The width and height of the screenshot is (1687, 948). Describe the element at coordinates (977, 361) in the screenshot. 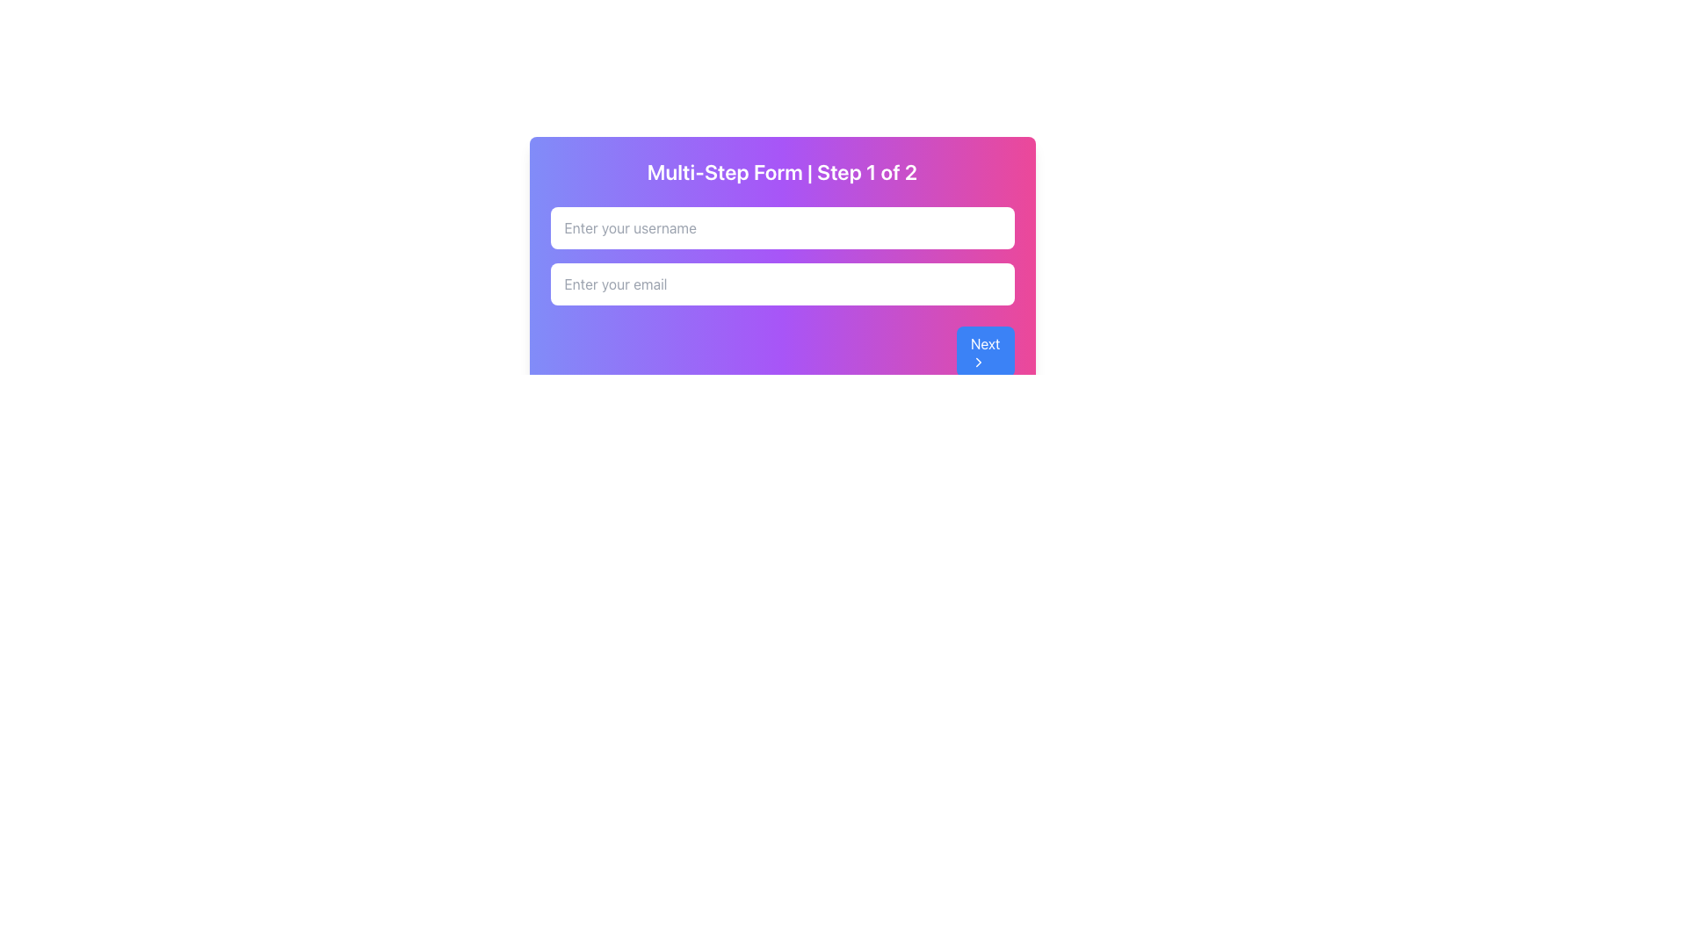

I see `the 'Next' button located in the bottom-right corner of the multi-step form interface, which features a small right-pointing chevron icon as part of its design to indicate navigation` at that location.